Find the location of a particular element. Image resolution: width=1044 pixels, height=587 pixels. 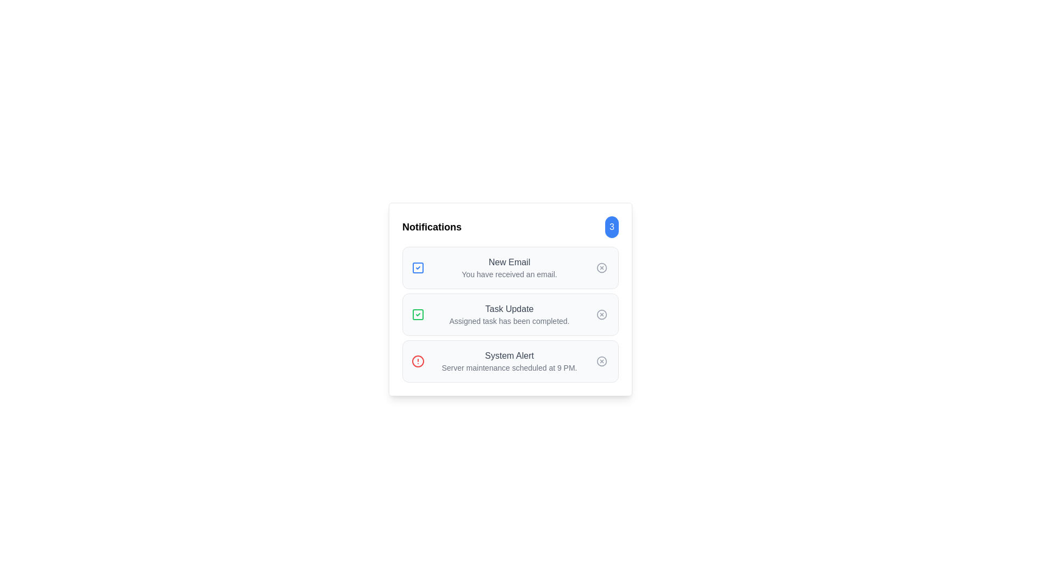

text label titled 'New Email' located in the upper section of the notification card within the Notifications panel is located at coordinates (508, 262).